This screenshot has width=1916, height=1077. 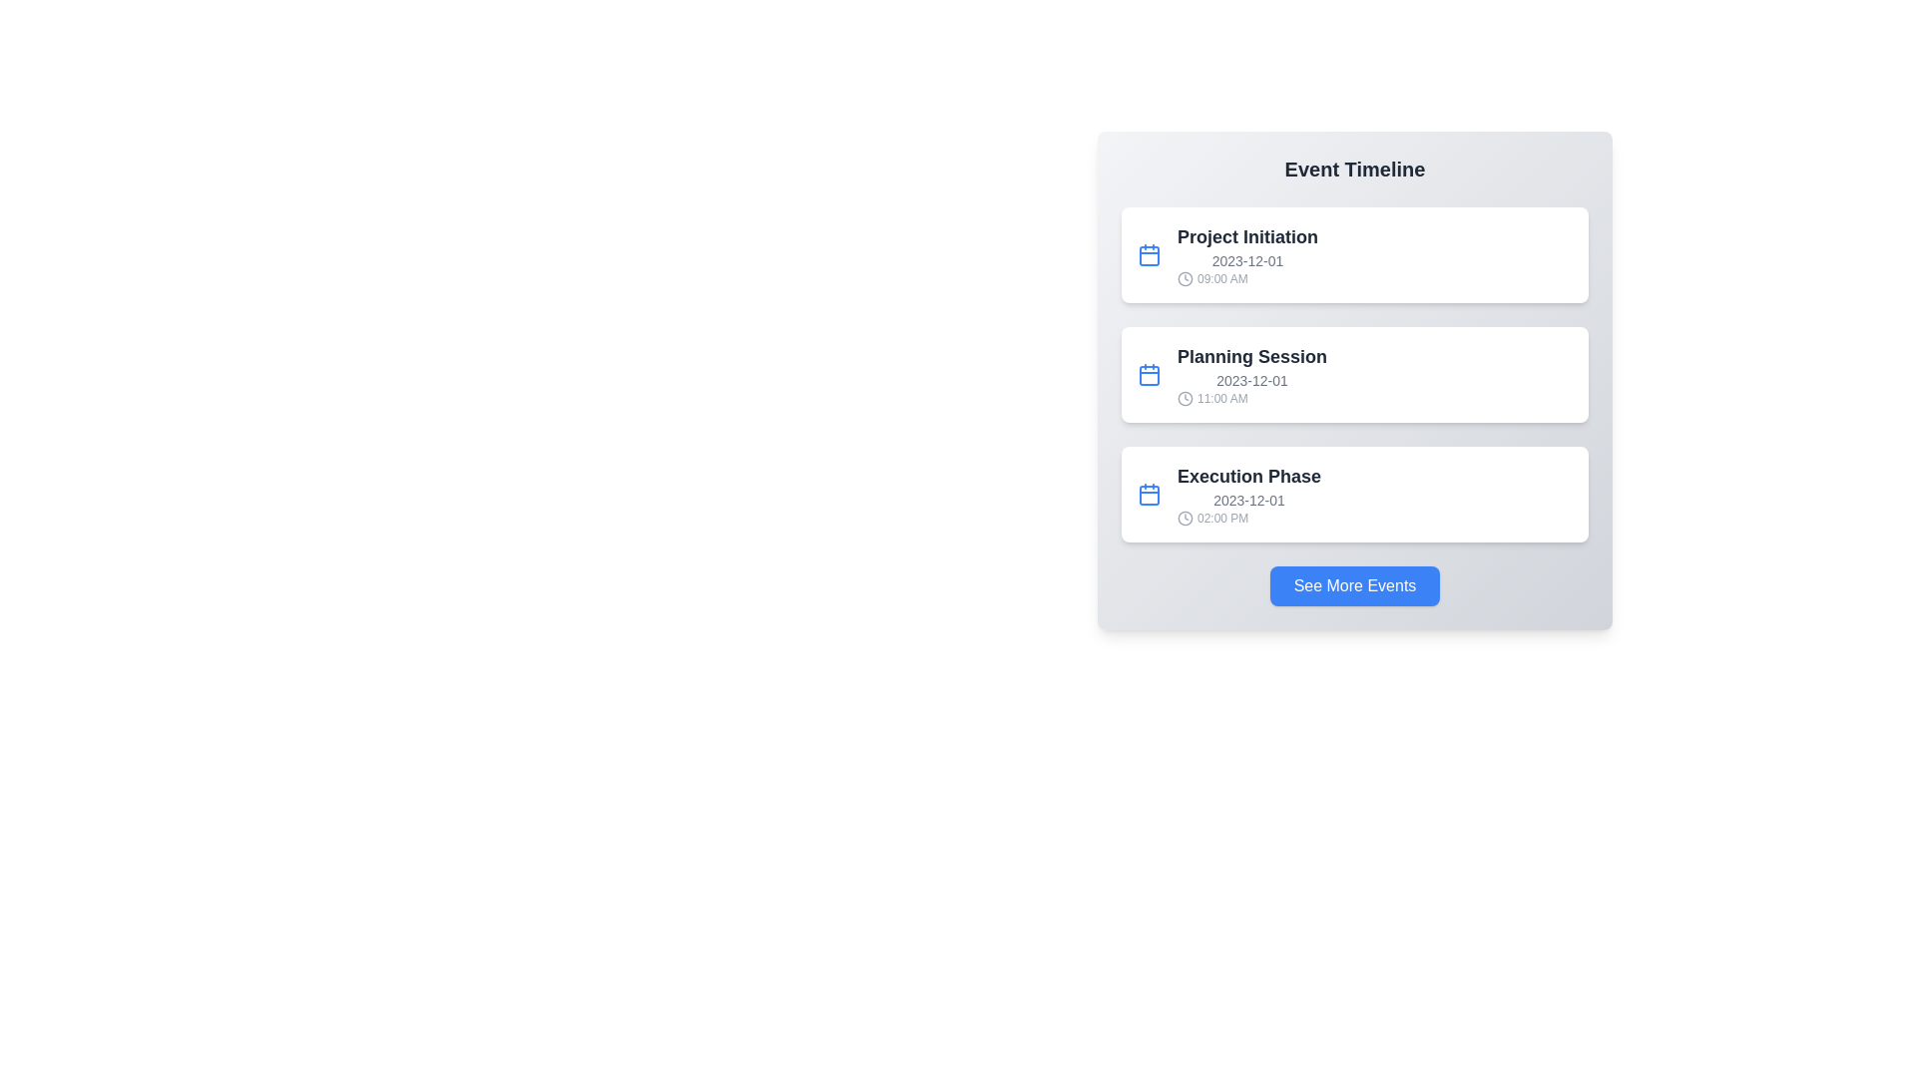 What do you see at coordinates (1186, 518) in the screenshot?
I see `the clock icon associated with the Execution Phase event` at bounding box center [1186, 518].